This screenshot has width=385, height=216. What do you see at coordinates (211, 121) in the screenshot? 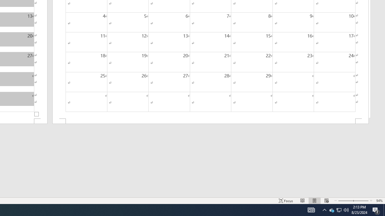
I see `'Footer -Section 2-'` at bounding box center [211, 121].